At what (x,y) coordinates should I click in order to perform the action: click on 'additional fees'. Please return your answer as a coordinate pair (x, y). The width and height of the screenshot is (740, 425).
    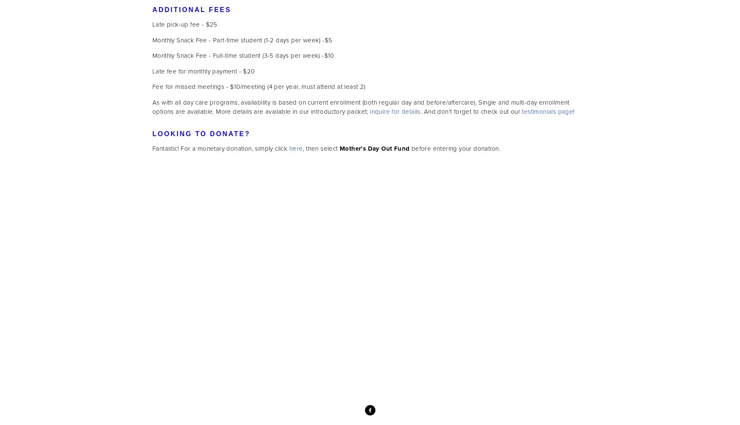
    Looking at the image, I should click on (191, 10).